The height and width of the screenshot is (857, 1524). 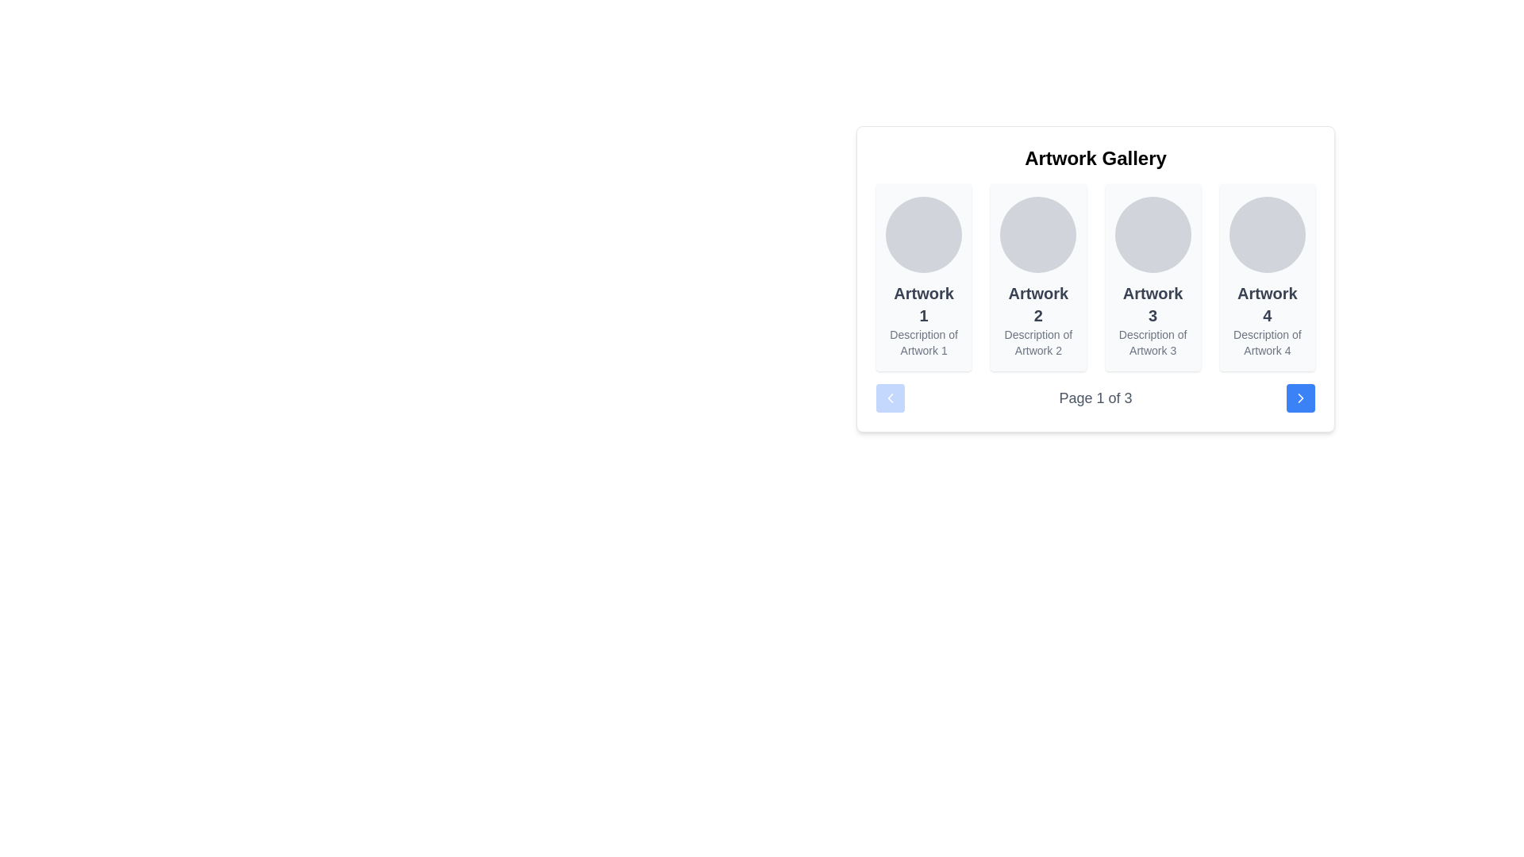 What do you see at coordinates (1266, 305) in the screenshot?
I see `the text label that serves as a heading for the corresponding artwork` at bounding box center [1266, 305].